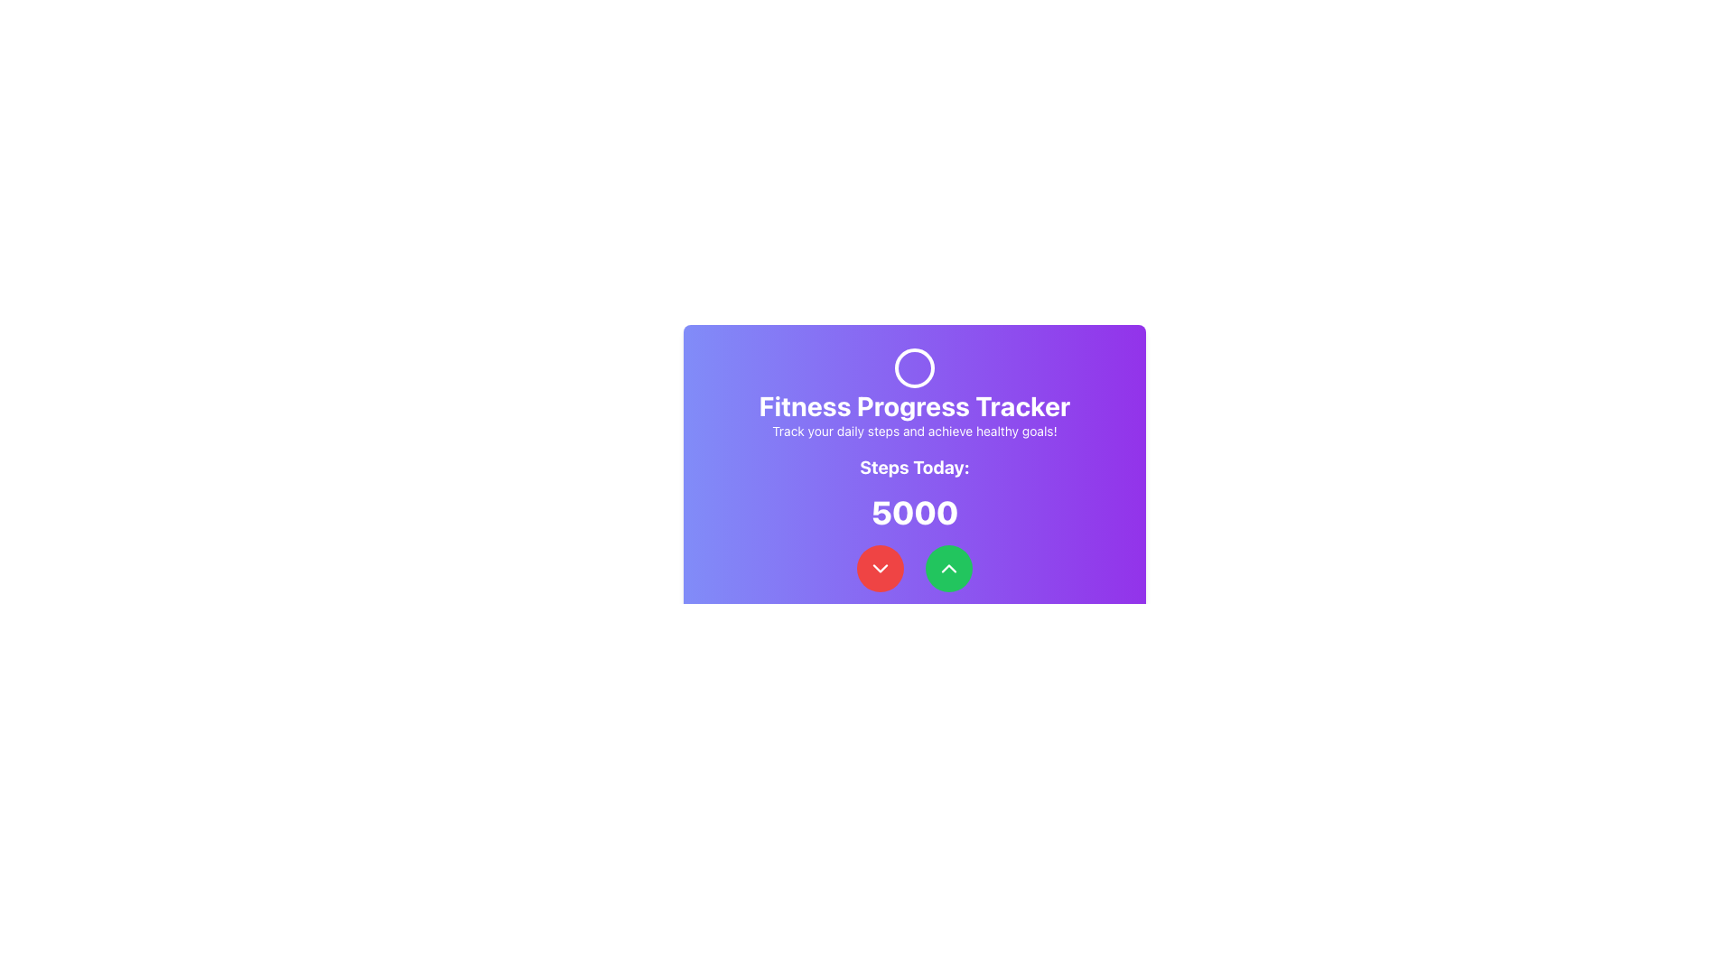 This screenshot has width=1734, height=975. What do you see at coordinates (880, 567) in the screenshot?
I see `the chevron icon contained within the red circular button at the bottom left part of the card to observe any hover effects` at bounding box center [880, 567].